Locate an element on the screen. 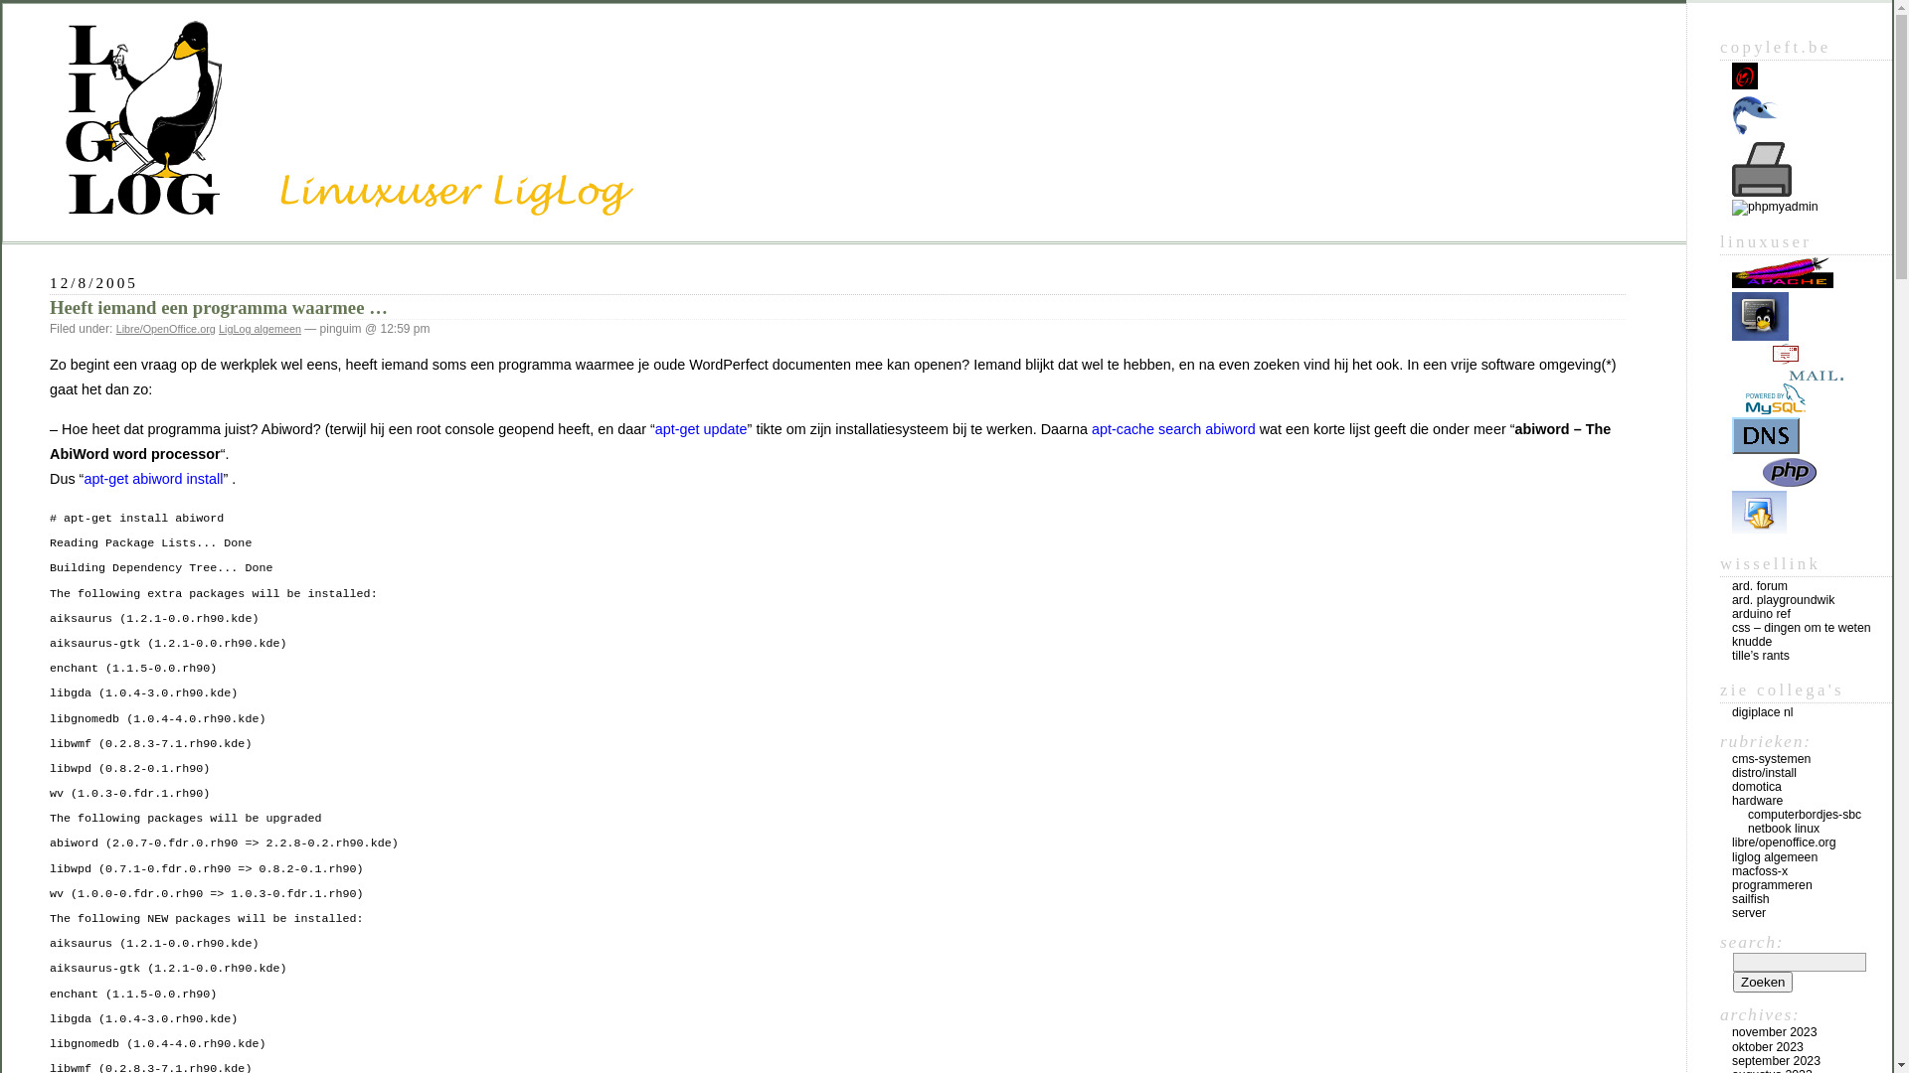  'september 2023' is located at coordinates (1776, 1060).